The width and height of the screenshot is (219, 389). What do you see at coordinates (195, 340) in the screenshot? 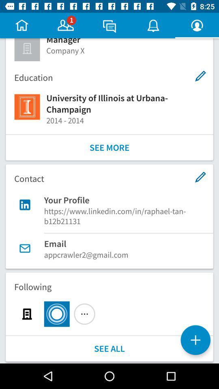
I see `icon at the bottom right corner` at bounding box center [195, 340].